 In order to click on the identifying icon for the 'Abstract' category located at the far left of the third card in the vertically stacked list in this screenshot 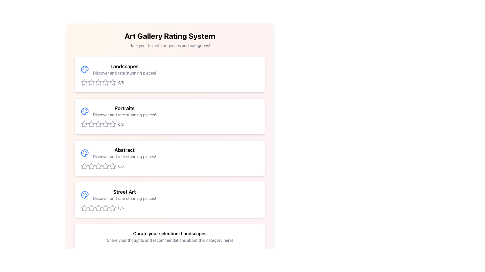, I will do `click(85, 153)`.